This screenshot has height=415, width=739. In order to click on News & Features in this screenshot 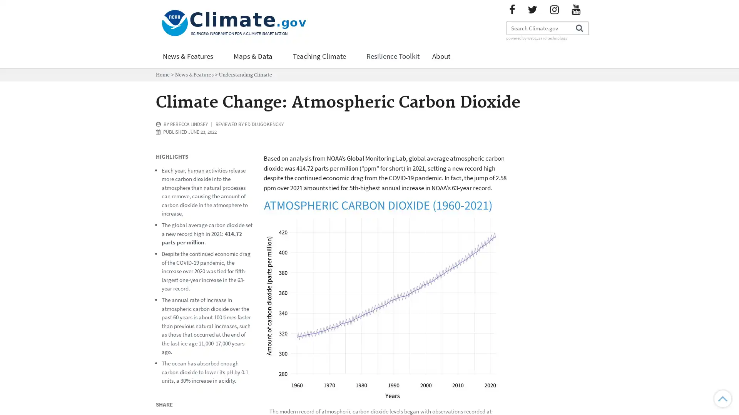, I will do `click(192, 56)`.